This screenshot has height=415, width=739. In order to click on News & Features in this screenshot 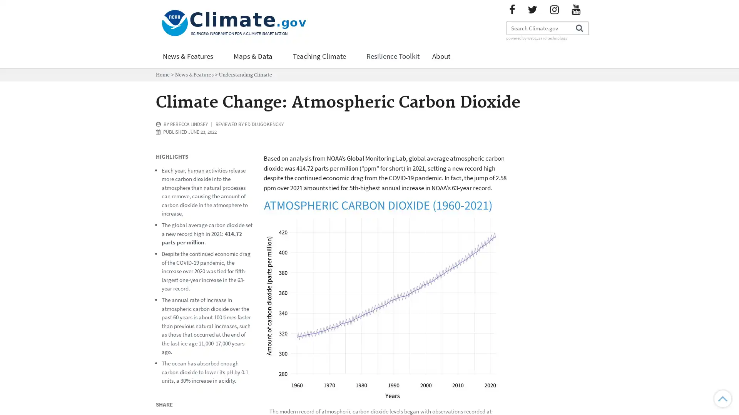, I will do `click(192, 56)`.